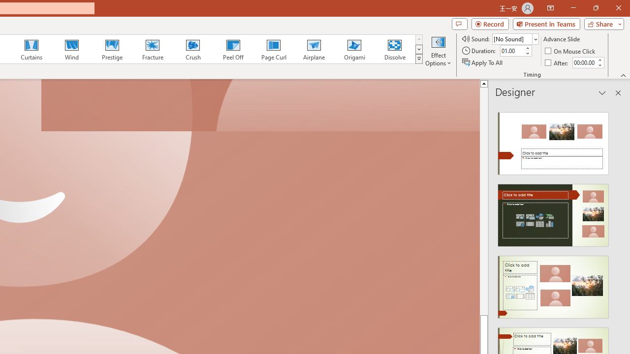  What do you see at coordinates (573, 8) in the screenshot?
I see `'Minimize'` at bounding box center [573, 8].